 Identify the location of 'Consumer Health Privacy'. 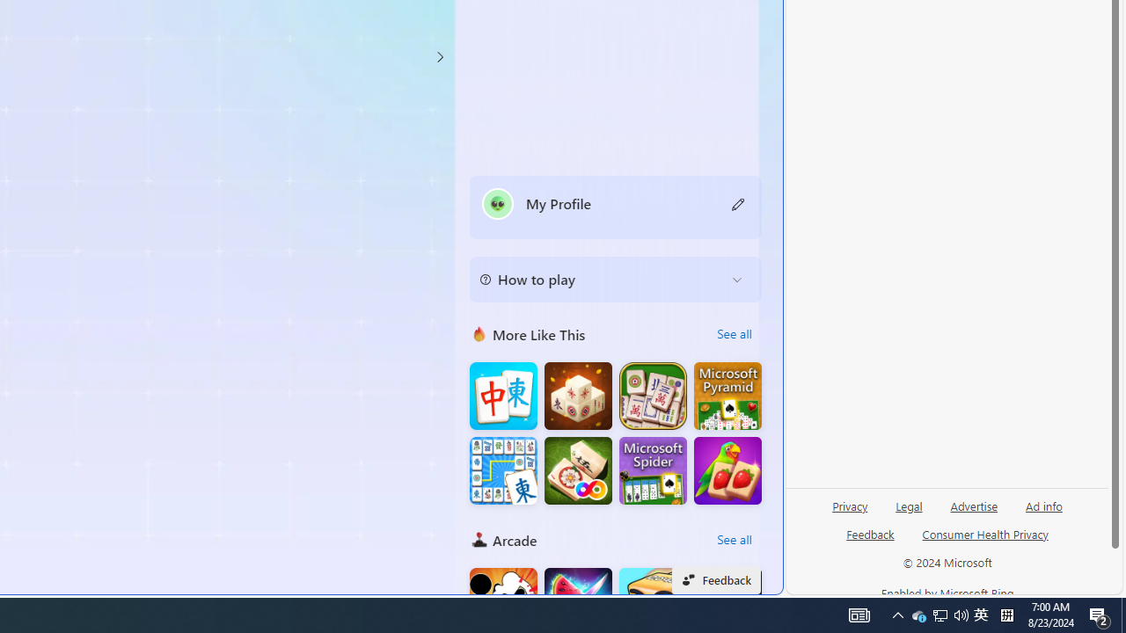
(985, 533).